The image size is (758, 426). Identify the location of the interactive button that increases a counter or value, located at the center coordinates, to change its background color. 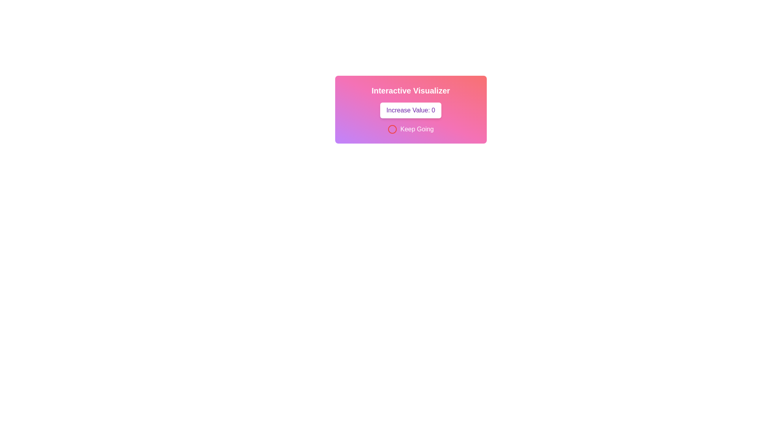
(411, 110).